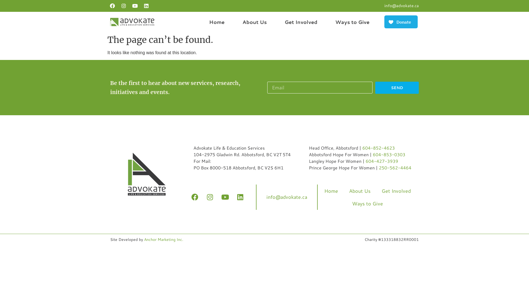 The image size is (529, 297). Describe the element at coordinates (383, 21) in the screenshot. I see `'Donate Button'` at that location.